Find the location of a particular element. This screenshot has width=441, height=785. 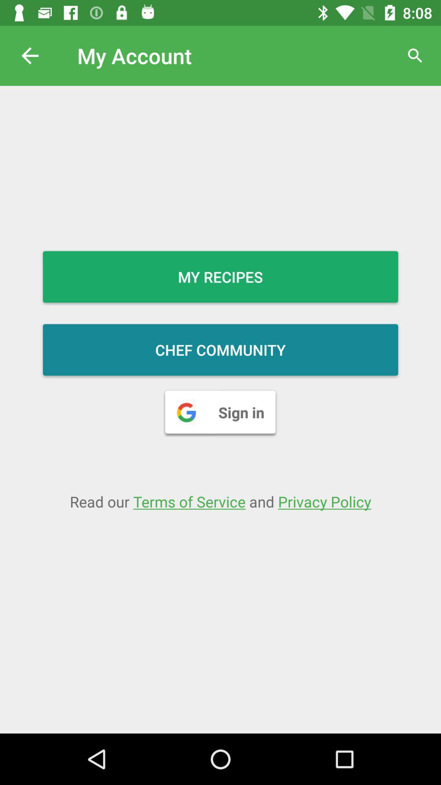

sign in is located at coordinates (220, 412).